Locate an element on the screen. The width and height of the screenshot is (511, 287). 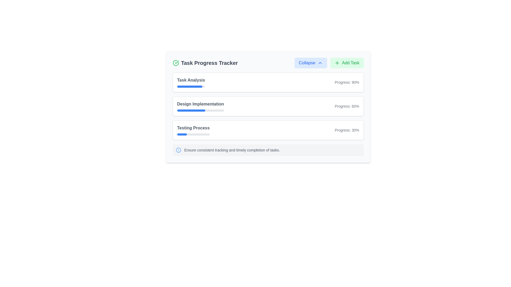
the filled portion of the progress bar, which is a blue horizontal indicator located under the 'Task Analysis' heading in the 'Task Progress Tracker' section is located at coordinates (189, 86).